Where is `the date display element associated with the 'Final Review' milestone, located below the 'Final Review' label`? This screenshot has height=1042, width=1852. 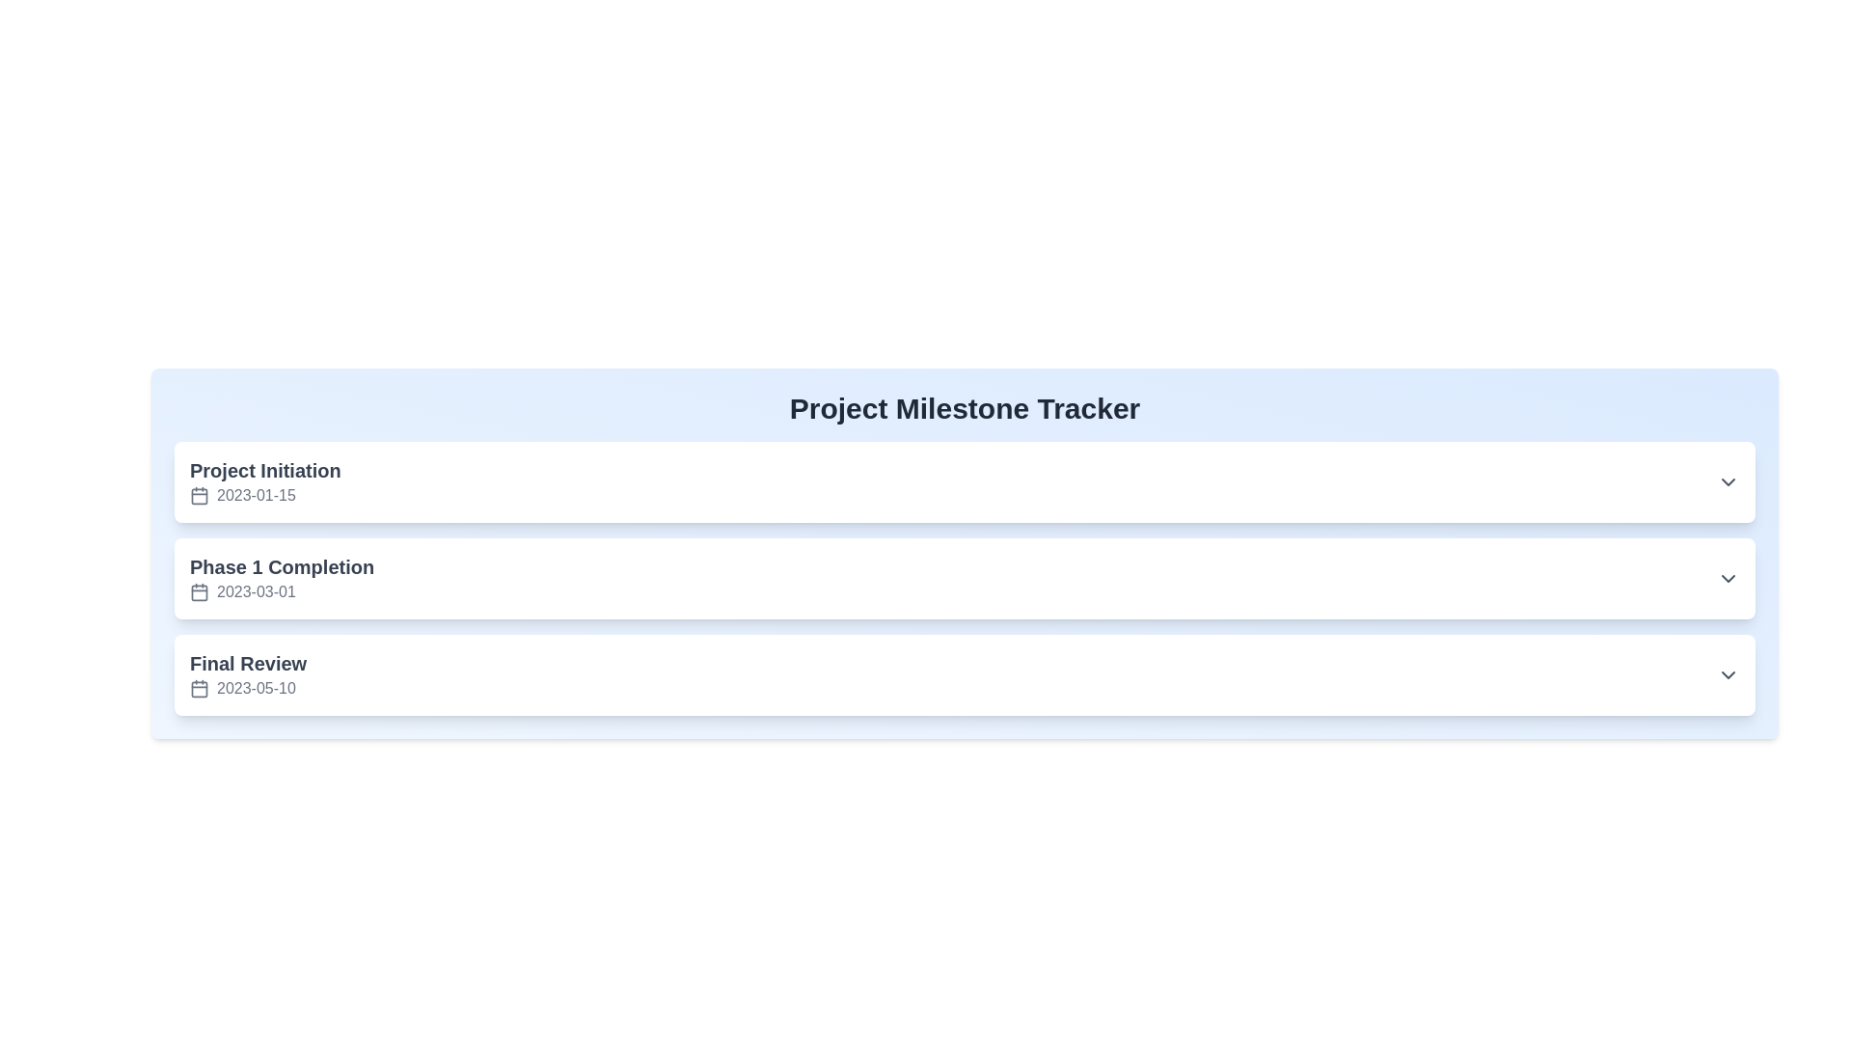 the date display element associated with the 'Final Review' milestone, located below the 'Final Review' label is located at coordinates (247, 687).